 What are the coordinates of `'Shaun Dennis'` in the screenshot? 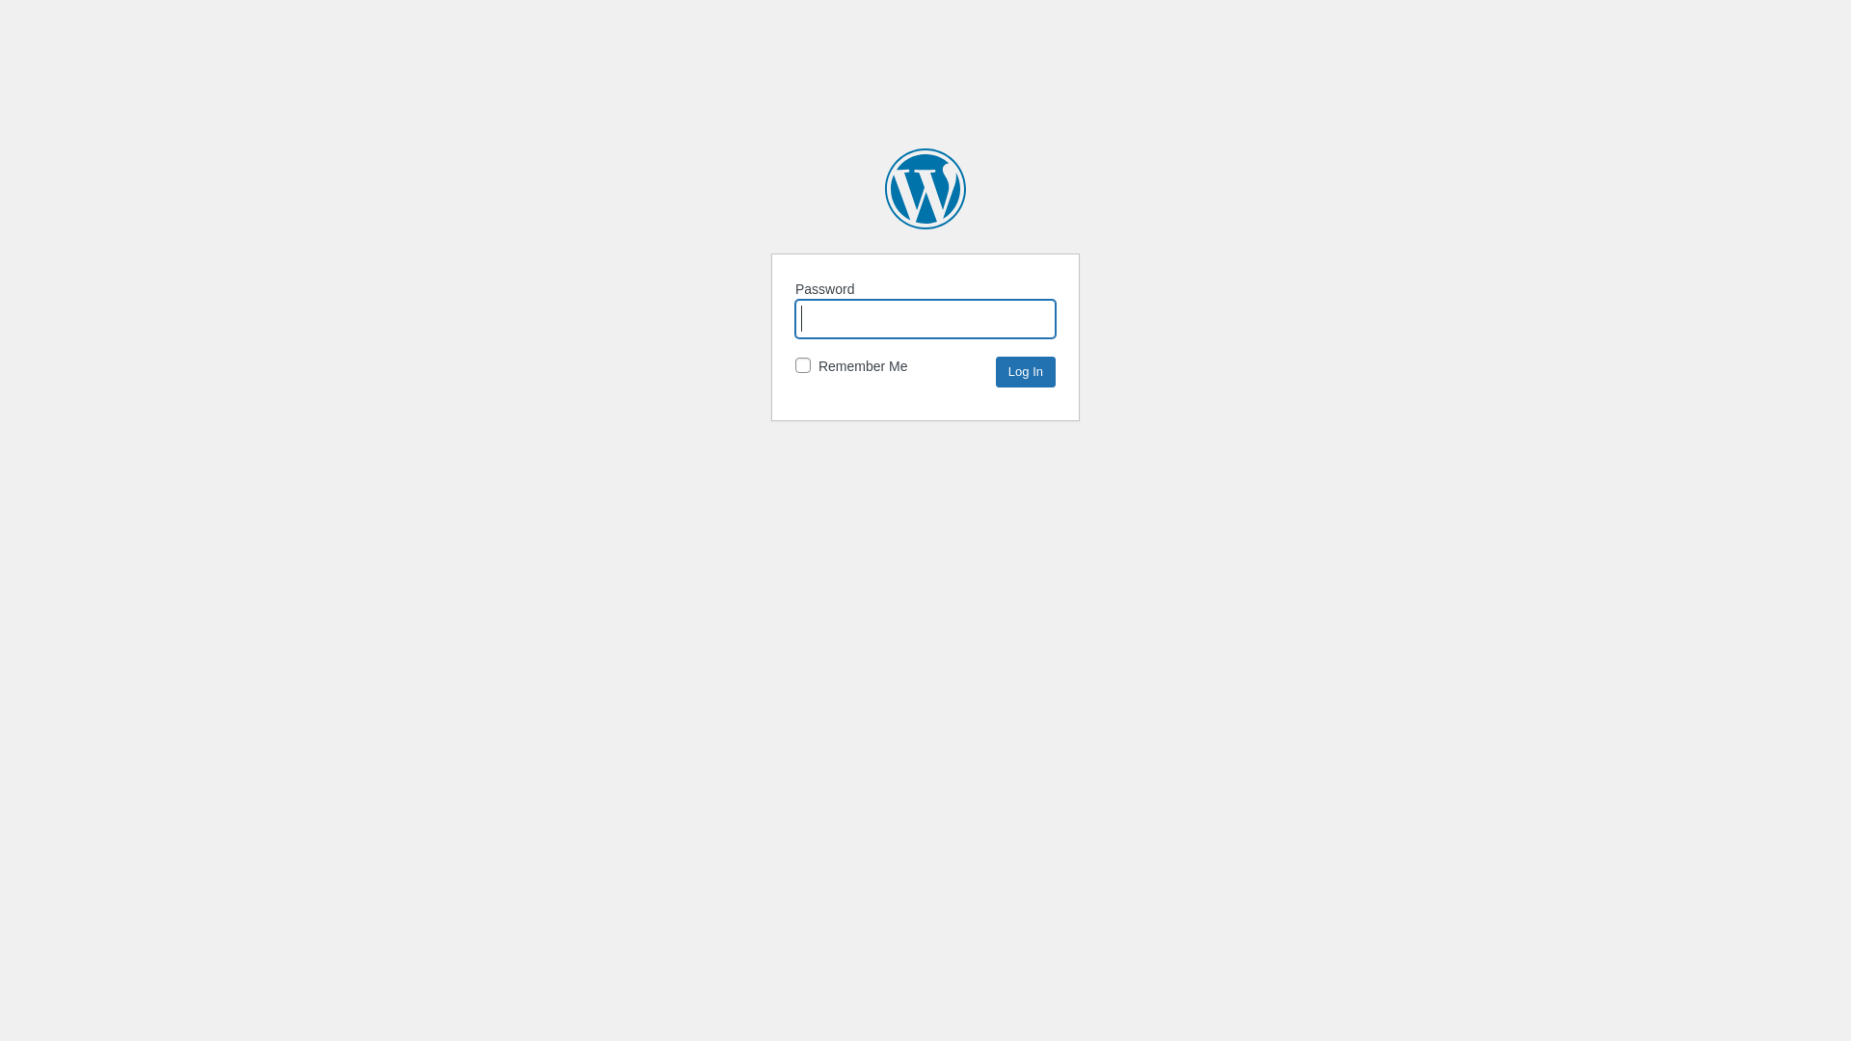 It's located at (883, 189).